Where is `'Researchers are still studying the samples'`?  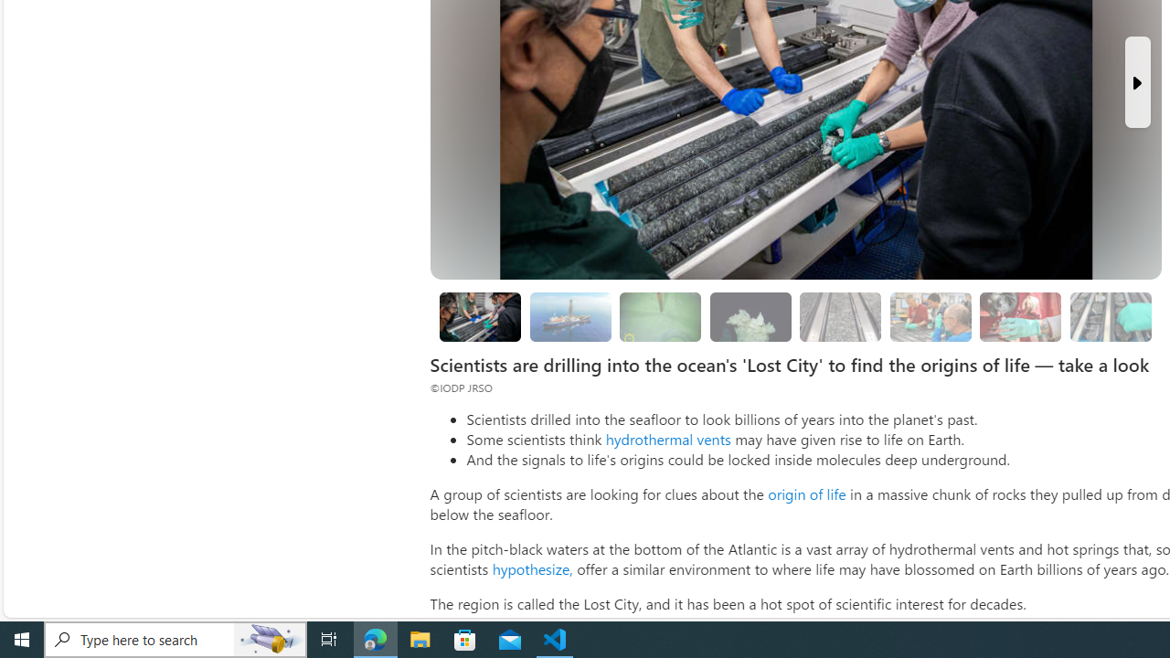
'Researchers are still studying the samples' is located at coordinates (1109, 315).